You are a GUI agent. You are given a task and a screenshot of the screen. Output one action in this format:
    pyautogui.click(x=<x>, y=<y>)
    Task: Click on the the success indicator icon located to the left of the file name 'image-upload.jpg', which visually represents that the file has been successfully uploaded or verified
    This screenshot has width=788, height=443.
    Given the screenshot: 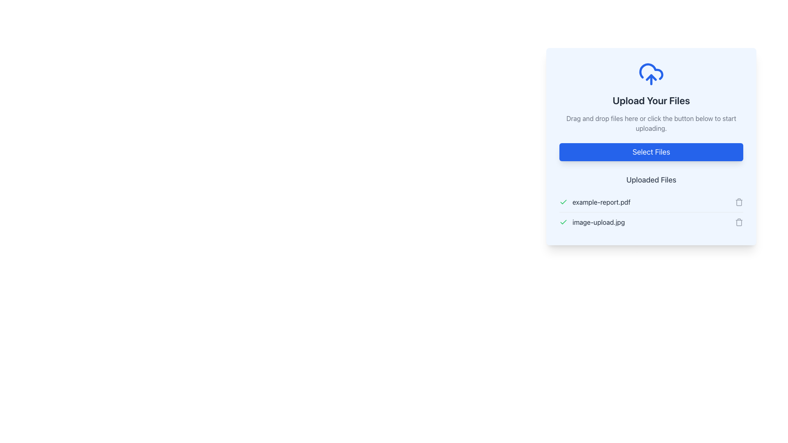 What is the action you would take?
    pyautogui.click(x=563, y=222)
    